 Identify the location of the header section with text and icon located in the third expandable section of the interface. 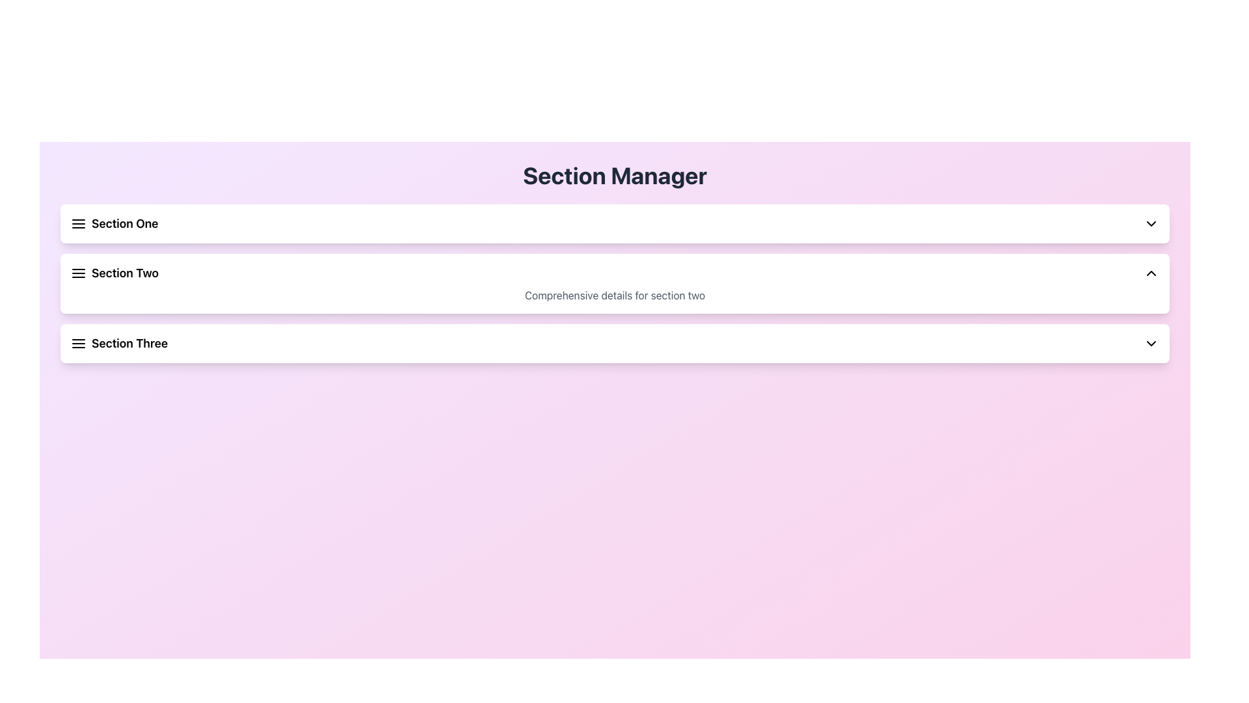
(119, 343).